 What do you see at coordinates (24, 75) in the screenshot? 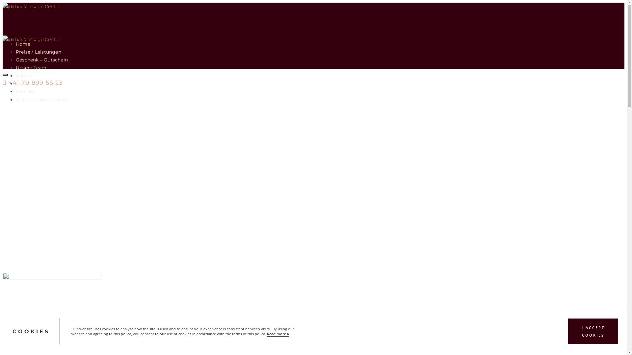
I see `'Galerie'` at bounding box center [24, 75].